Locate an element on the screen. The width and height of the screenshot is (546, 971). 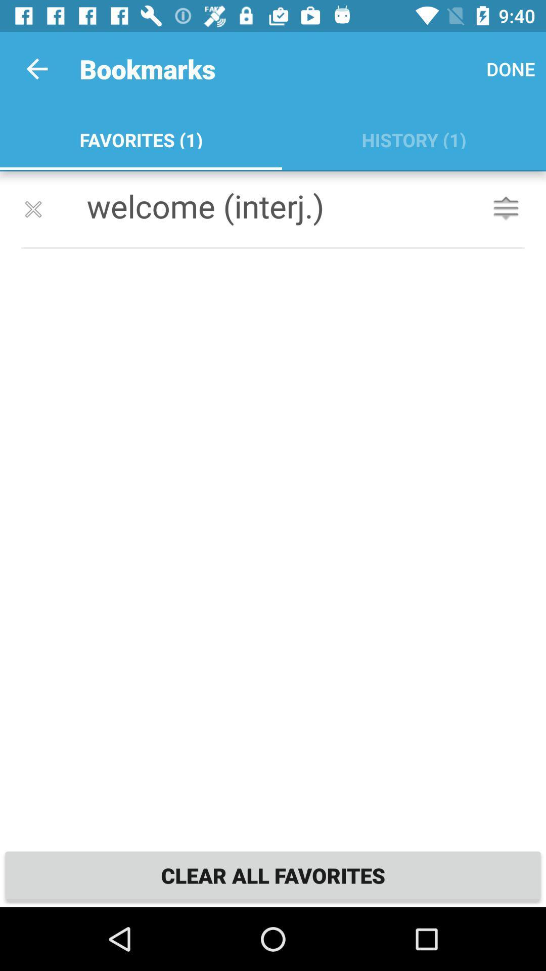
the item to the right of the favorites (1) item is located at coordinates (511, 68).